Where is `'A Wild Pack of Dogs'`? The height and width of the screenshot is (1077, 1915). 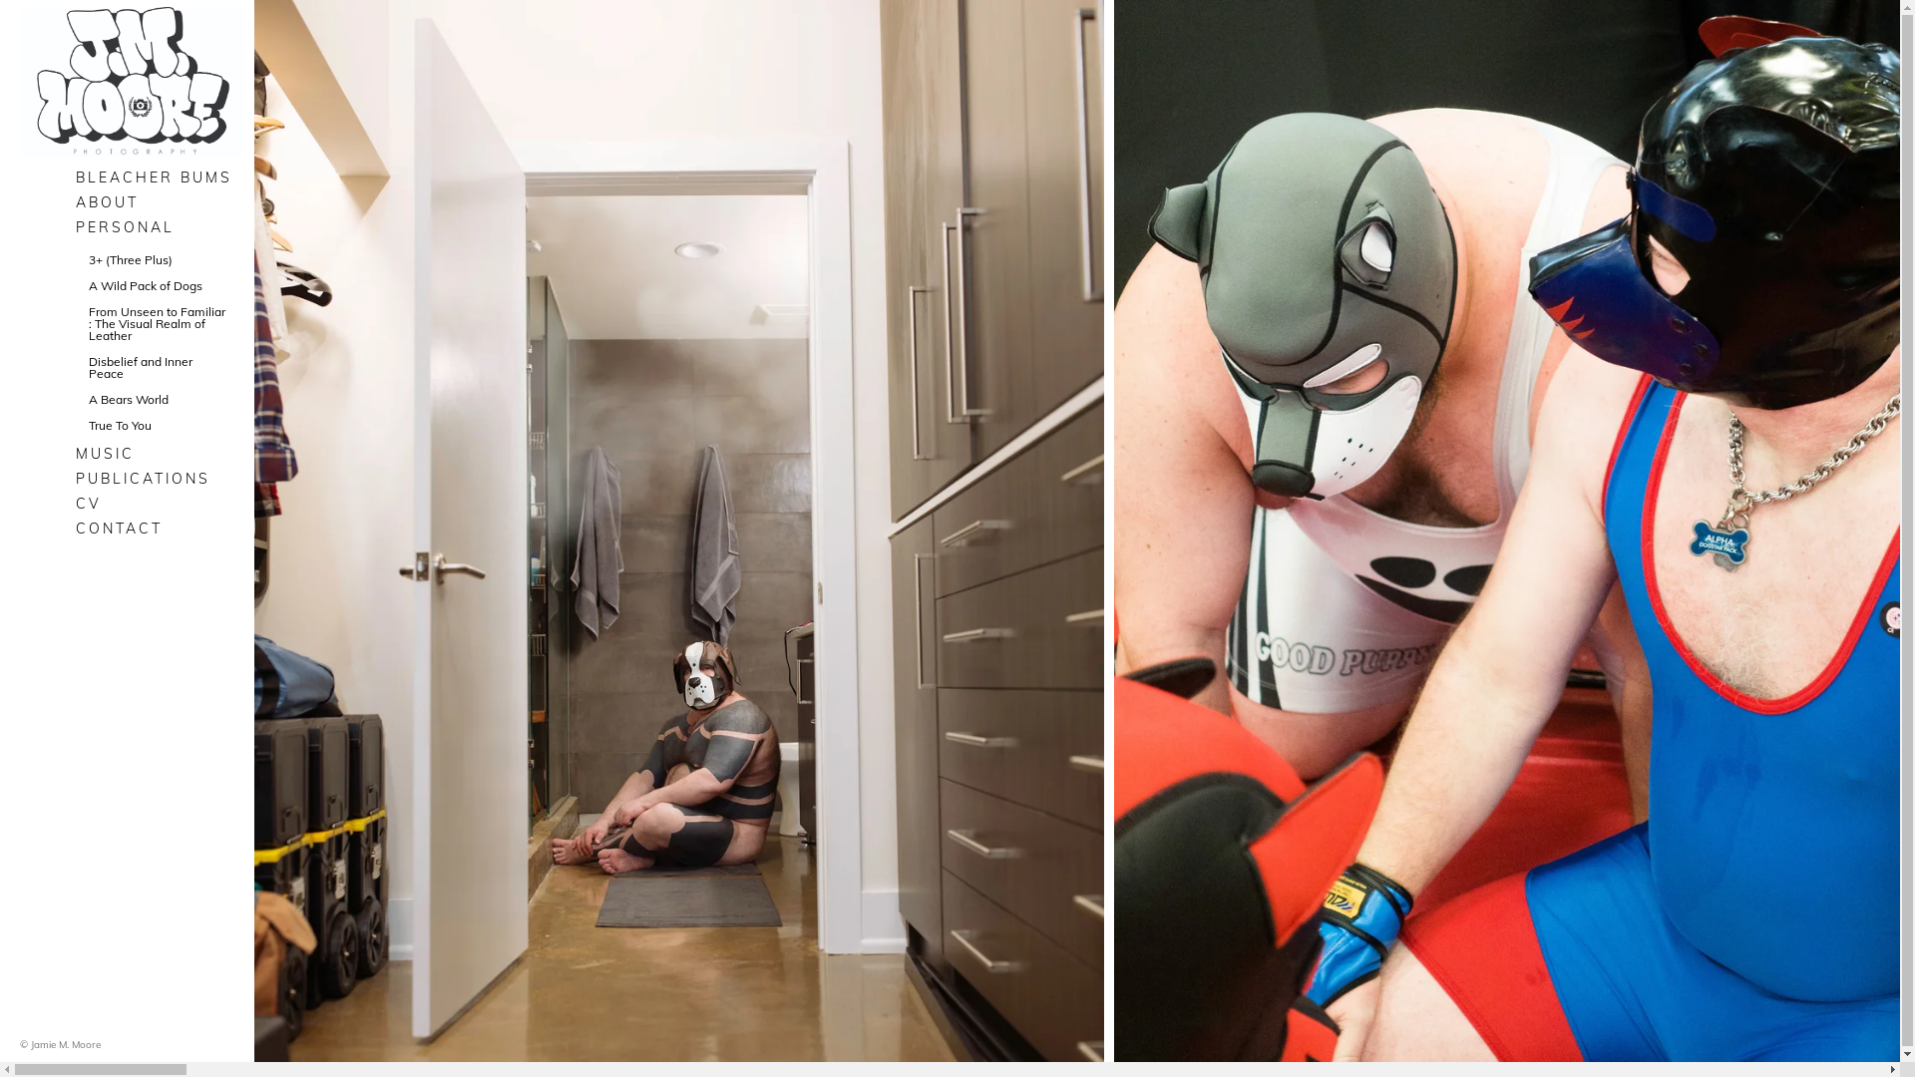
'A Wild Pack of Dogs' is located at coordinates (156, 285).